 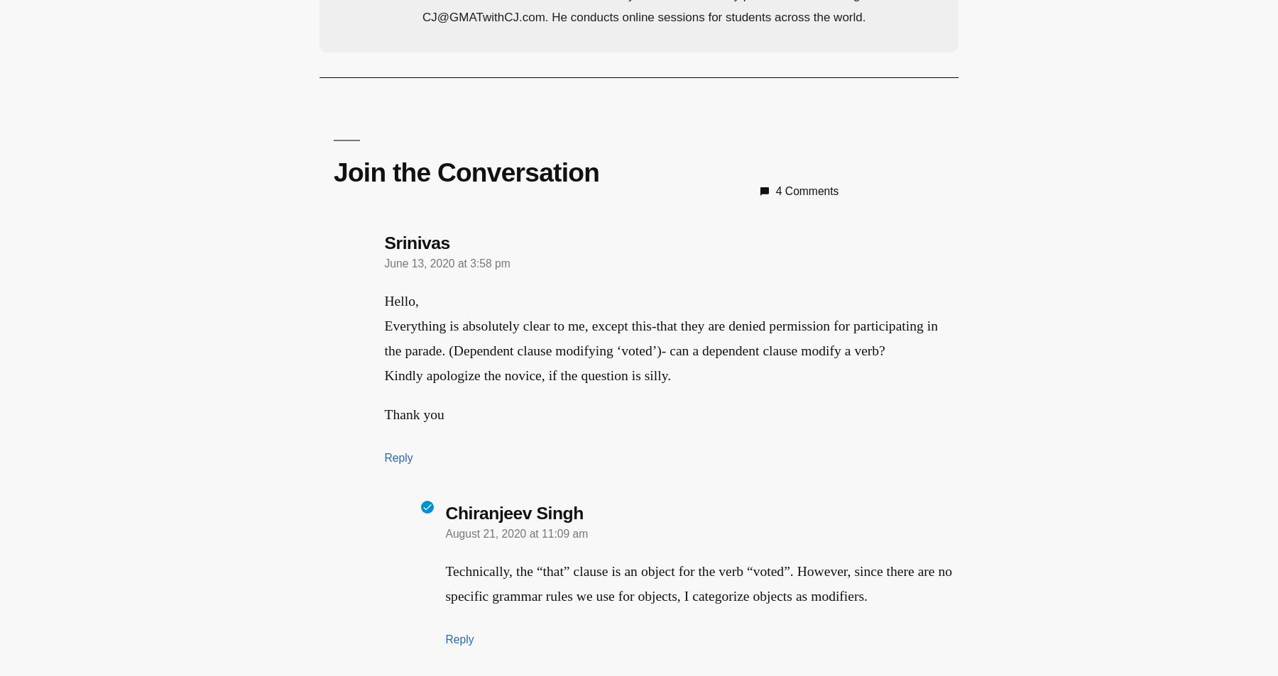 What do you see at coordinates (509, 511) in the screenshot?
I see `'Chiranjeev Singh'` at bounding box center [509, 511].